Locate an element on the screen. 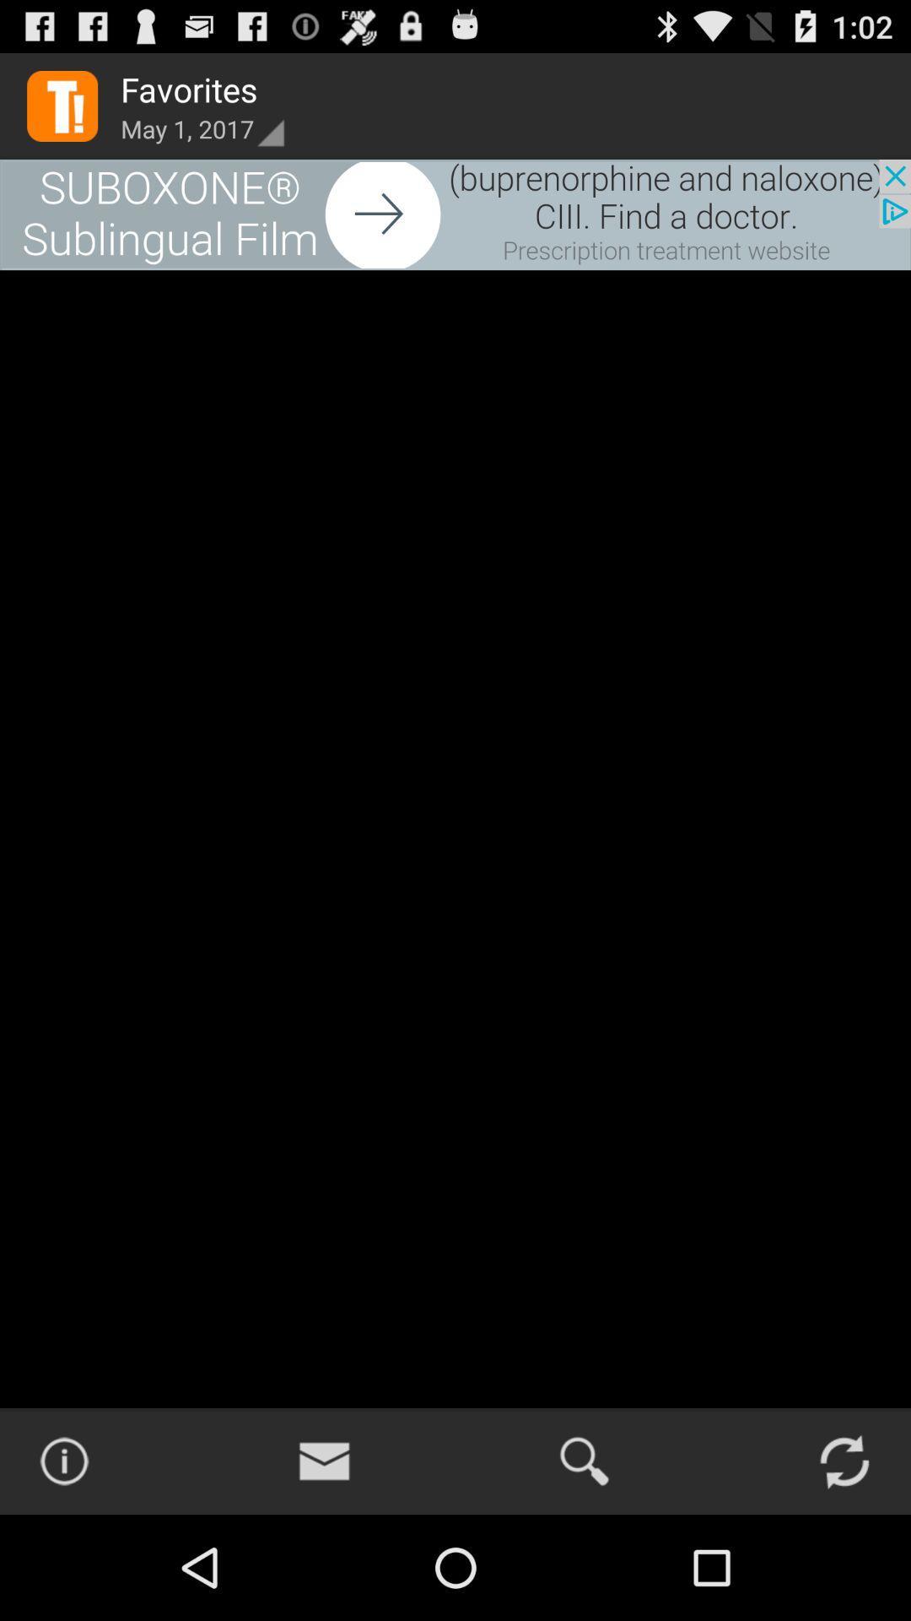  the advertised website is located at coordinates (455, 214).